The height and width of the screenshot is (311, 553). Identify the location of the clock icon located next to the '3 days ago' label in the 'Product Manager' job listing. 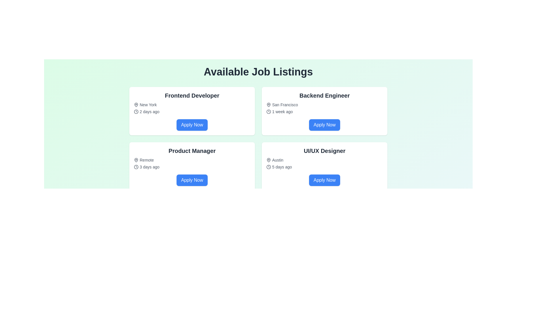
(136, 167).